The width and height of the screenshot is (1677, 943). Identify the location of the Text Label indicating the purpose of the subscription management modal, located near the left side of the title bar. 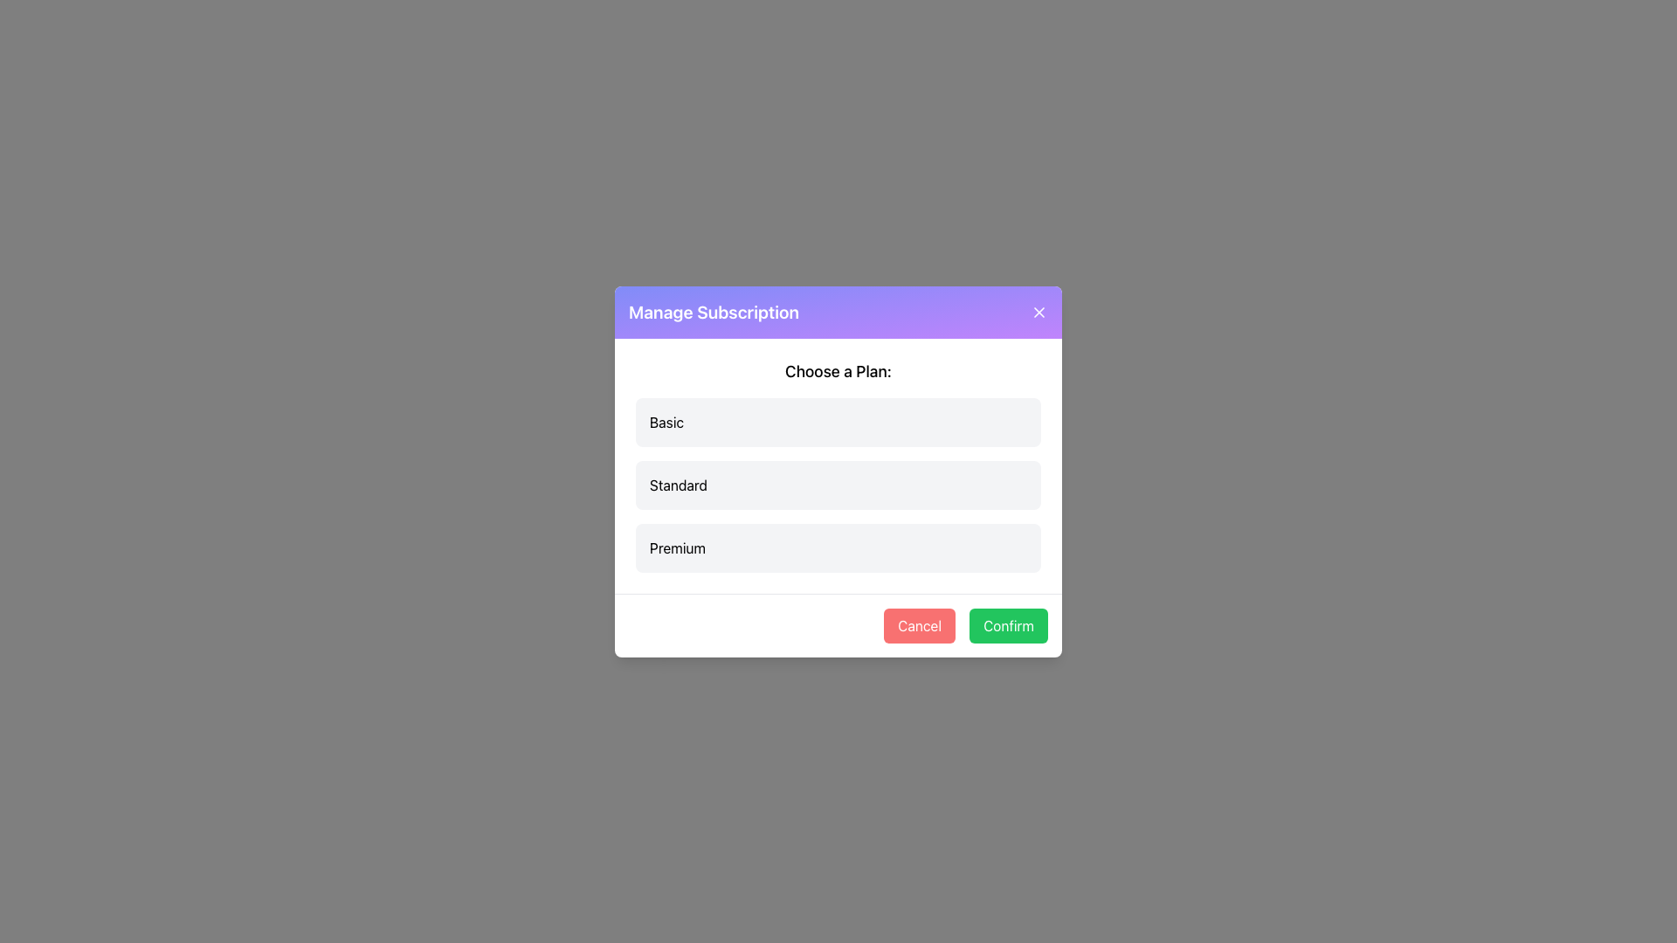
(714, 311).